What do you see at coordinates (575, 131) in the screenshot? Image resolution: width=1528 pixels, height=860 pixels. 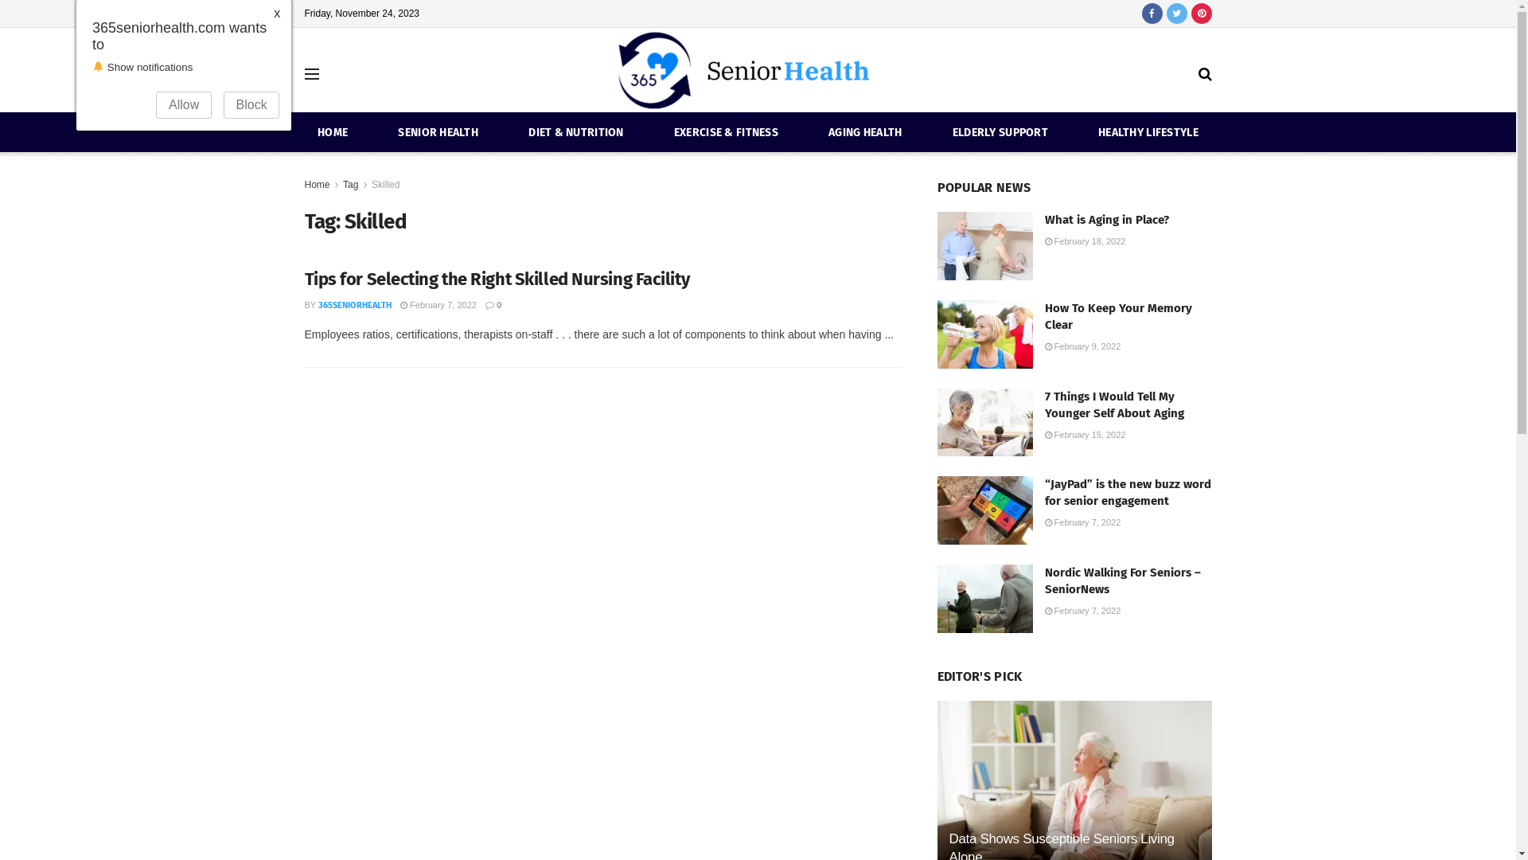 I see `'DIET & NUTRITION'` at bounding box center [575, 131].